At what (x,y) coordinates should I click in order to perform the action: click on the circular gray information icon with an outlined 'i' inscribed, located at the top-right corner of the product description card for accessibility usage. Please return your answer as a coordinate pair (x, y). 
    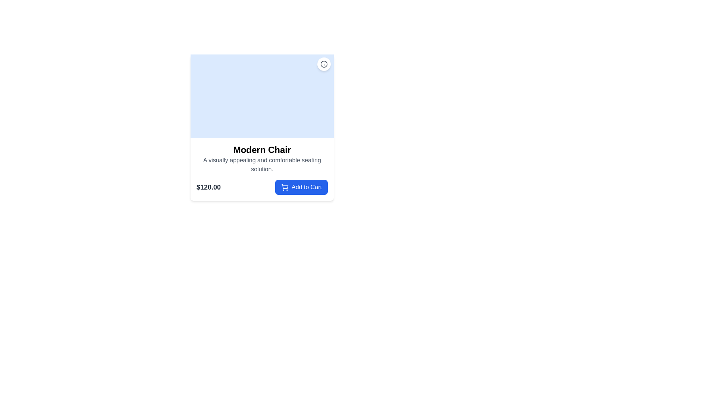
    Looking at the image, I should click on (324, 64).